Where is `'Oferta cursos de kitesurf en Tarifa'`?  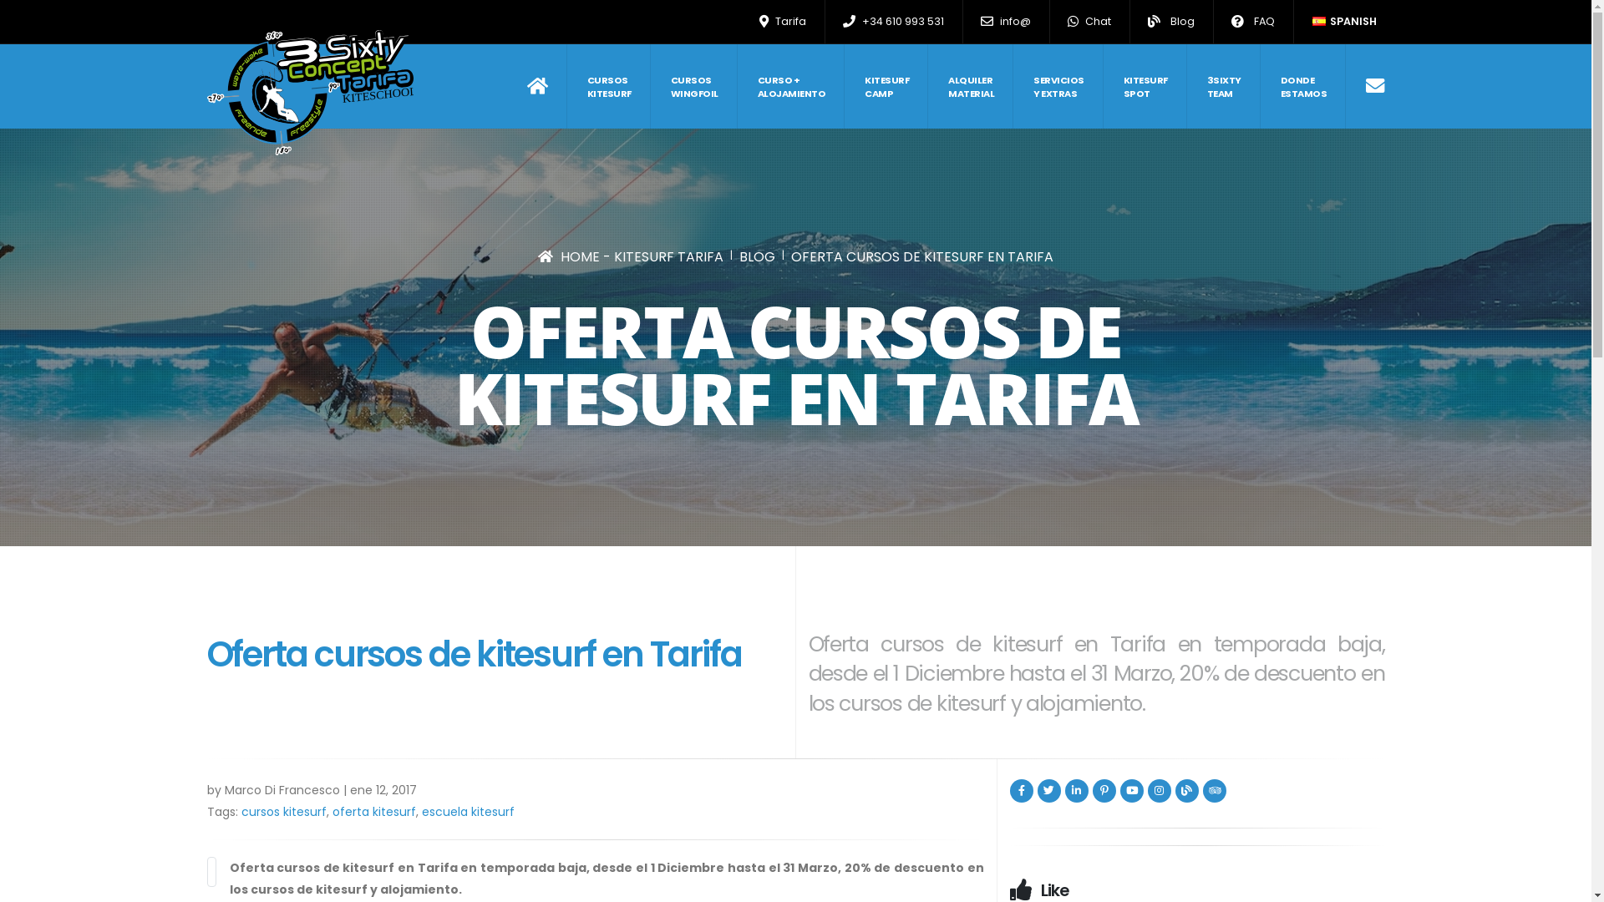 'Oferta cursos de kitesurf en Tarifa' is located at coordinates (211, 871).